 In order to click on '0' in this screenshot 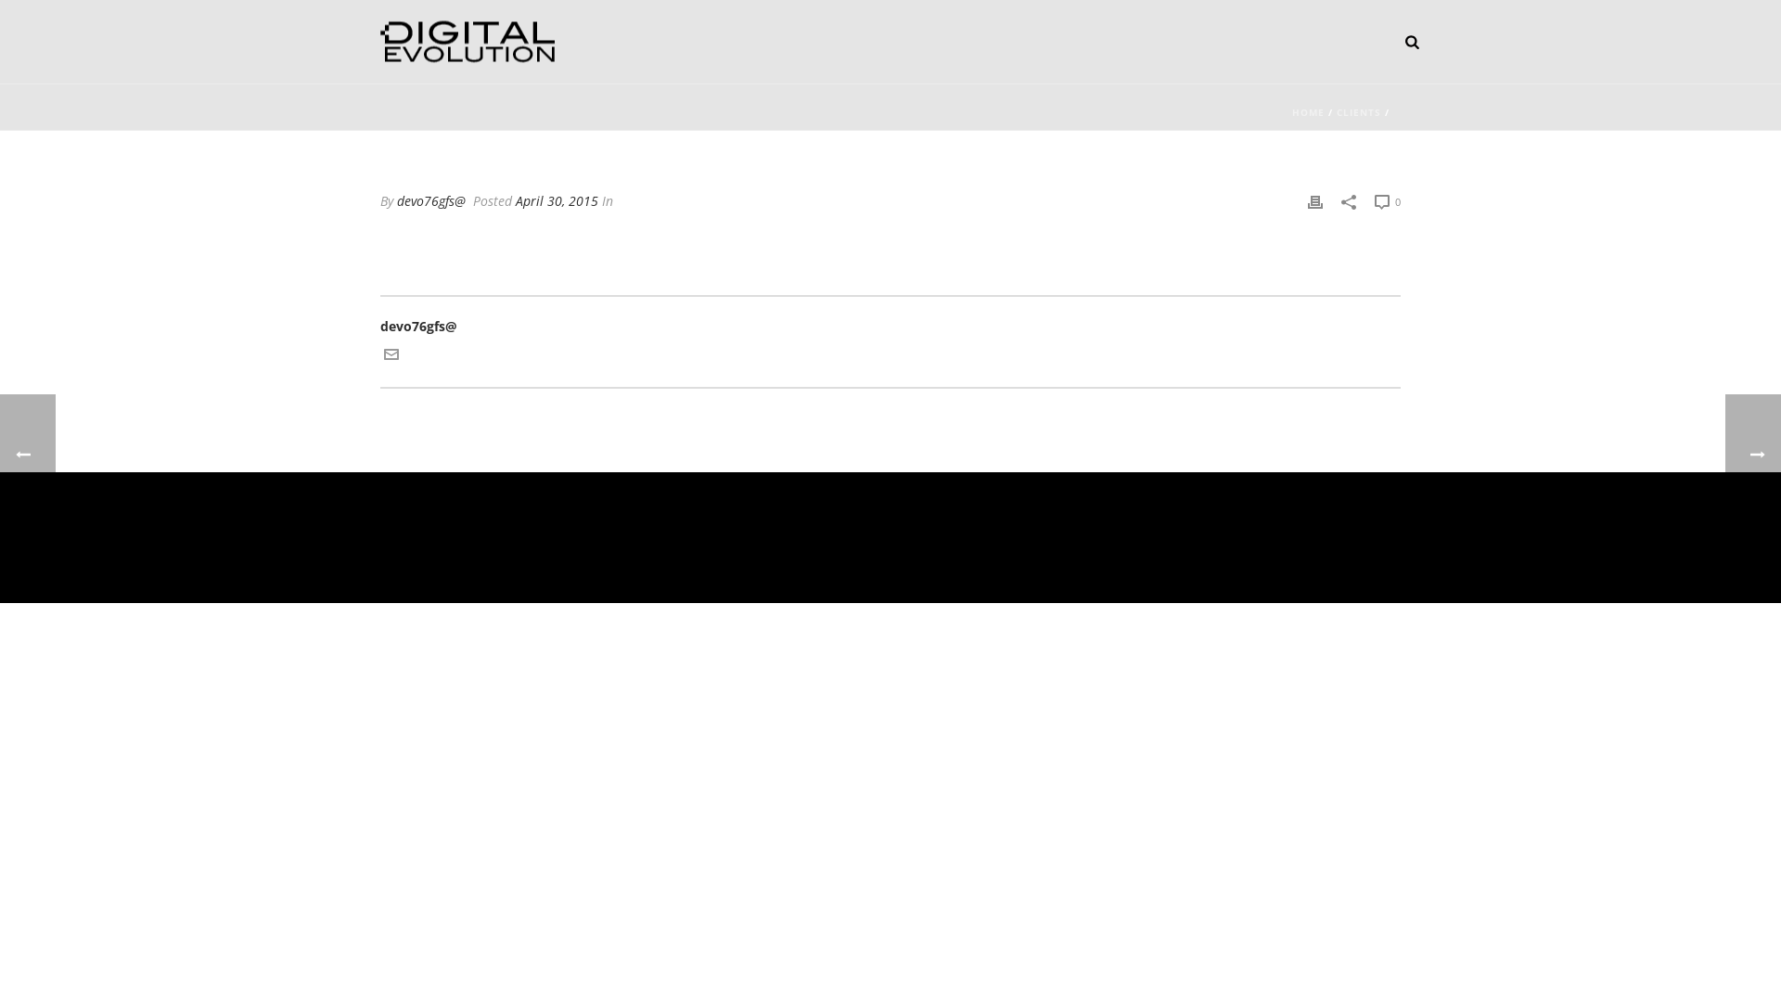, I will do `click(1375, 200)`.